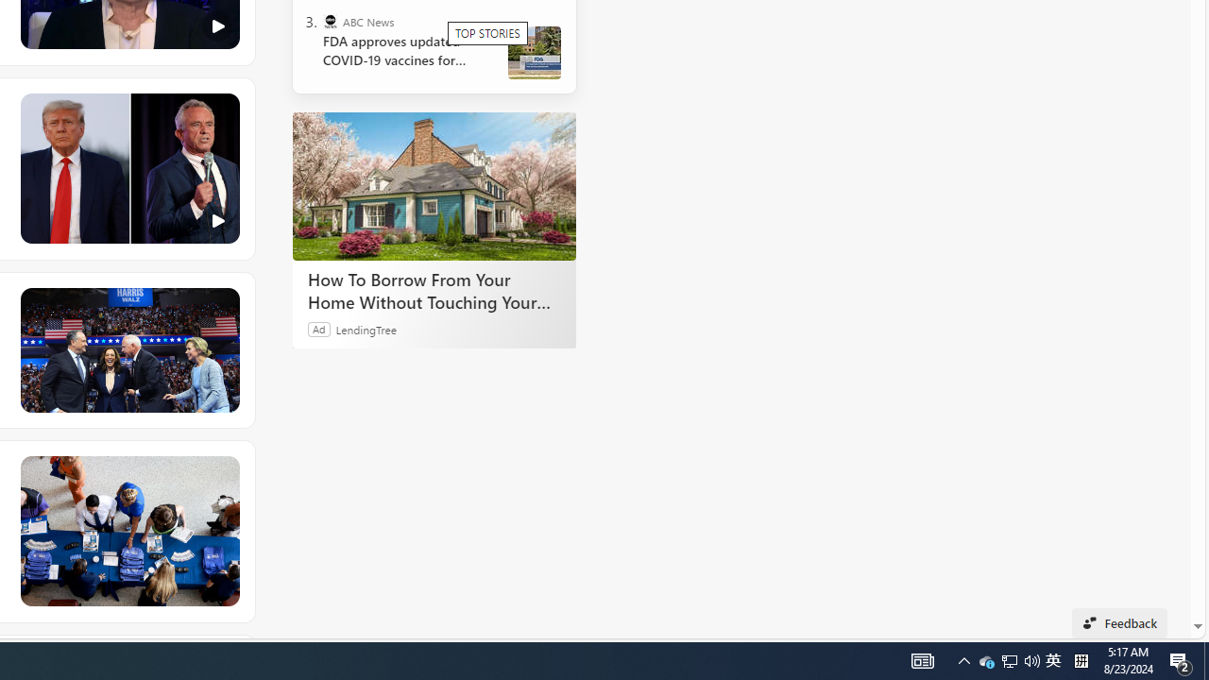  I want to click on 'ABC News', so click(331, 22).